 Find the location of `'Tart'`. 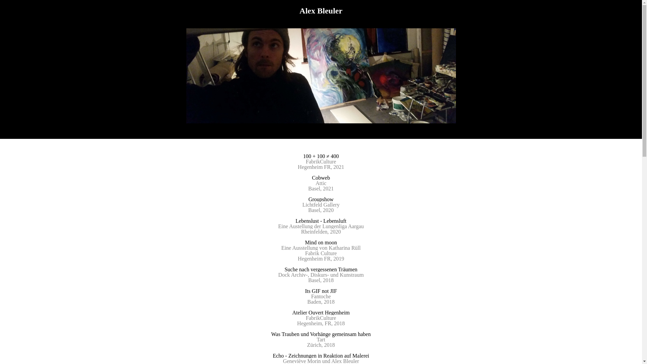

'Tart' is located at coordinates (321, 339).